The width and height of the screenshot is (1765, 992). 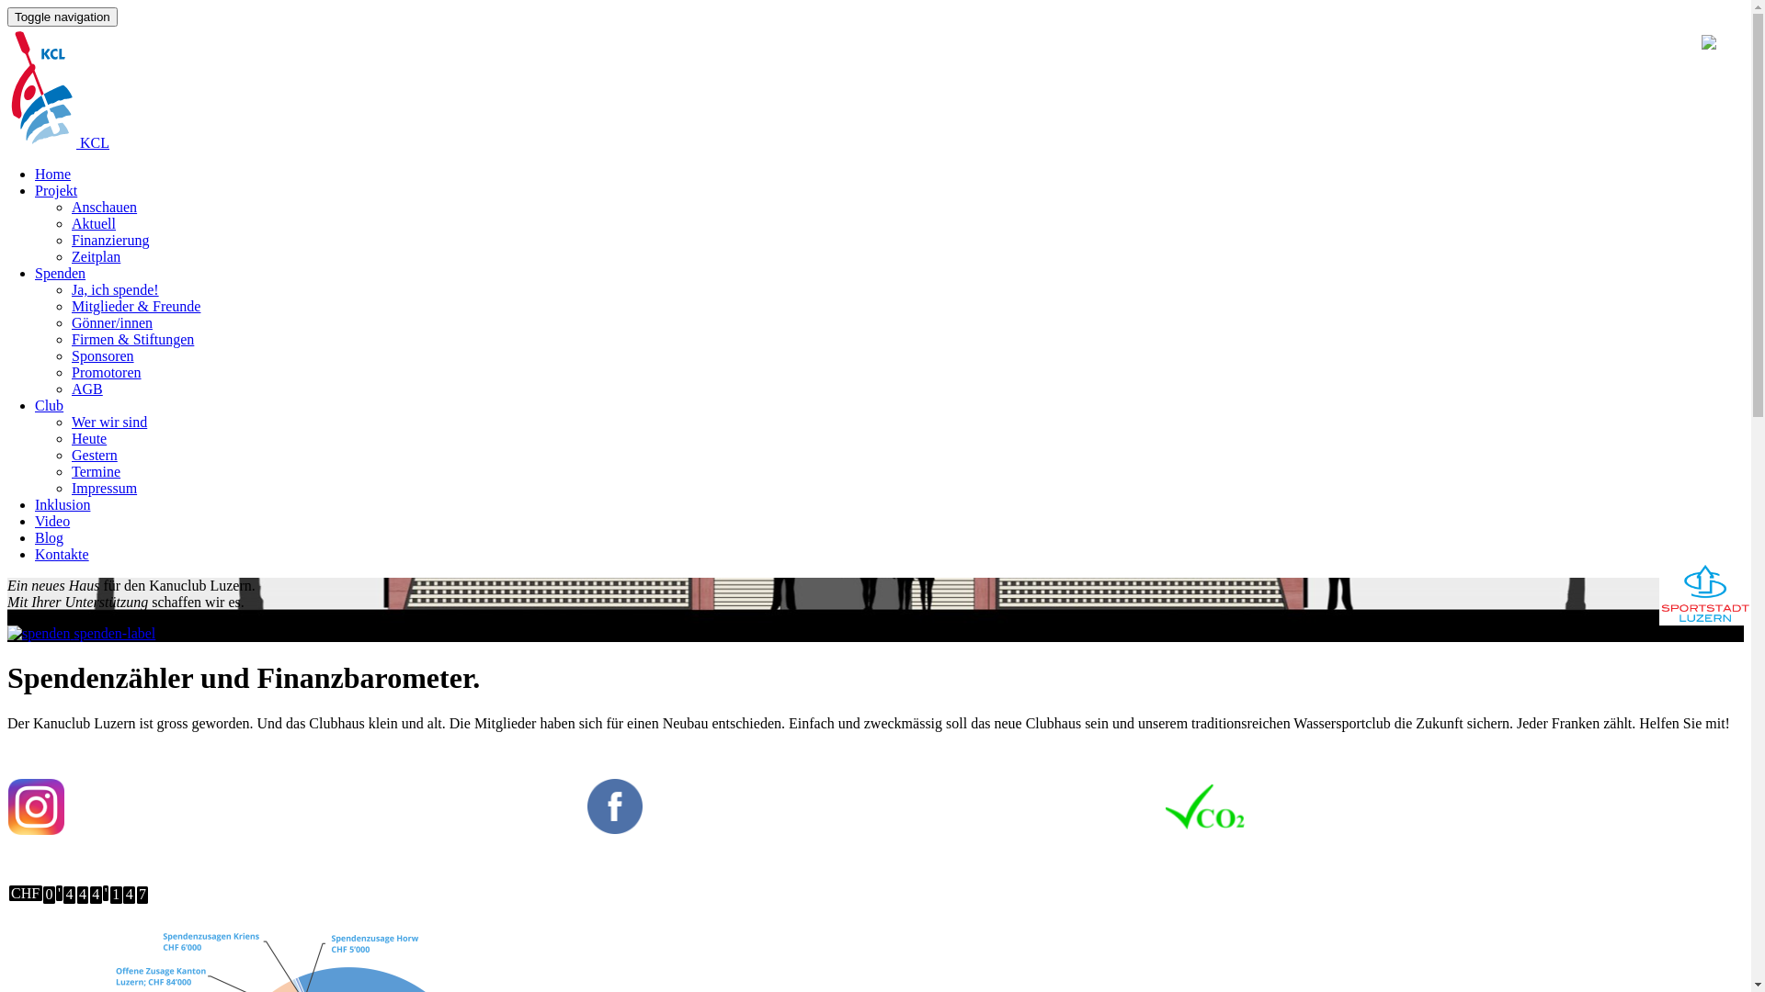 I want to click on 'AGB', so click(x=71, y=388).